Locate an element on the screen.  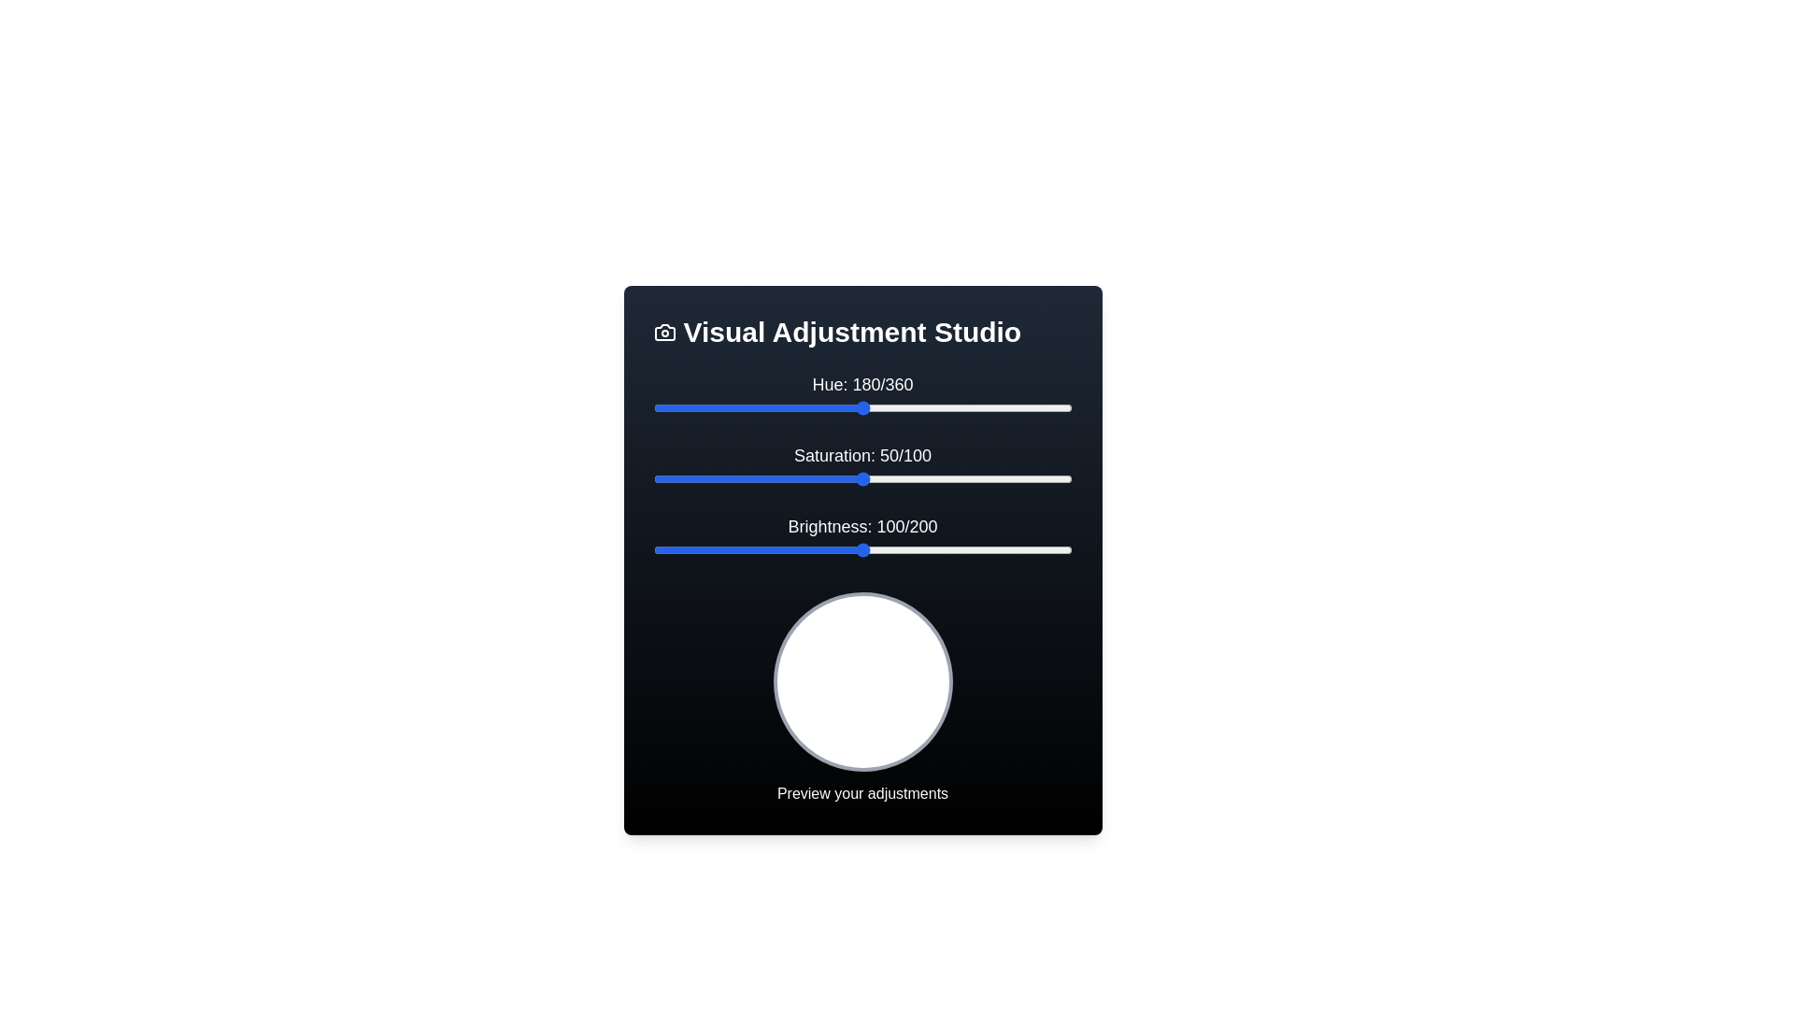
the 'Saturation' slider to 99 within its range is located at coordinates (1067, 478).